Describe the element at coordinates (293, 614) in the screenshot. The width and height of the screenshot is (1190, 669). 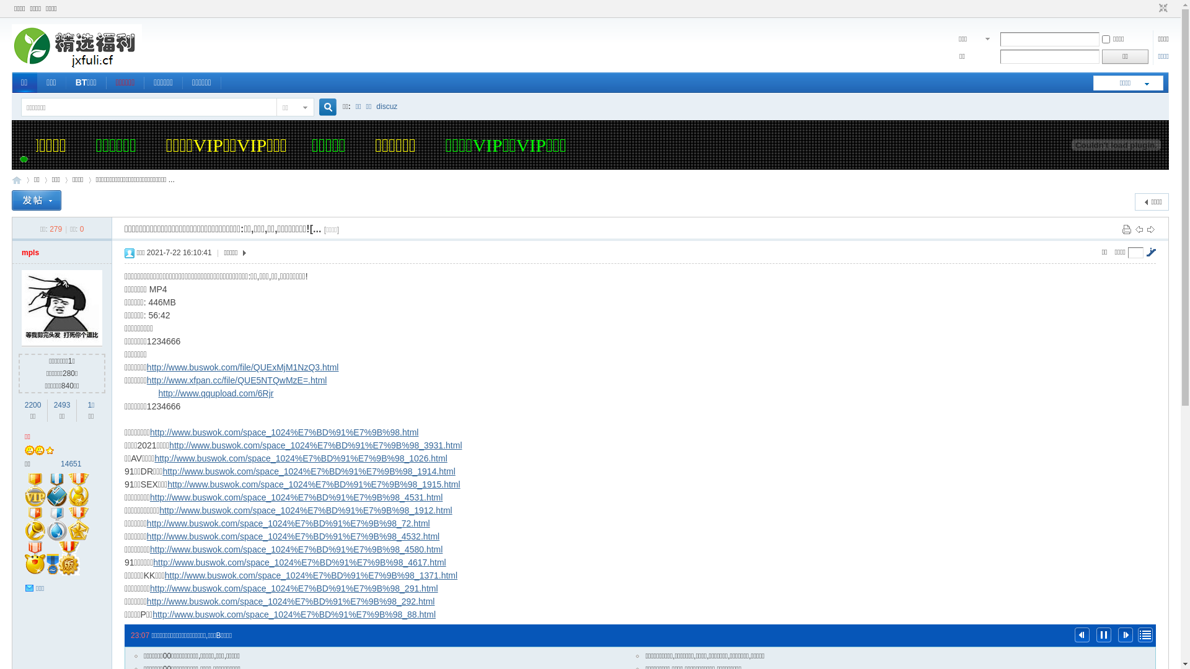
I see `'http://www.buswok.com/space_1024%E7%BD%91%E7%9B%98_88.html'` at that location.